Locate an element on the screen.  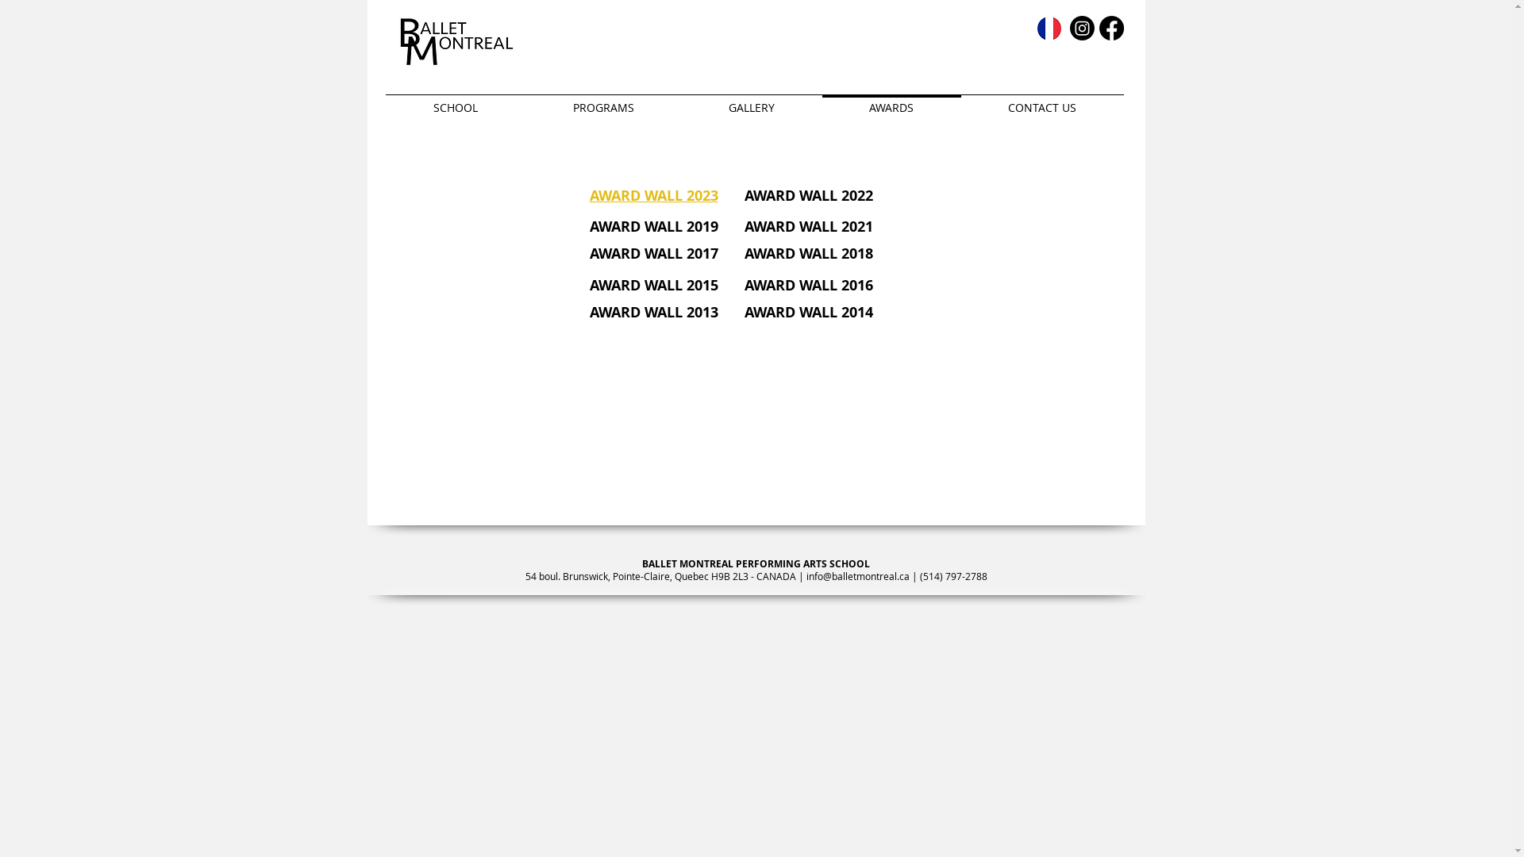
'AWARD WALL 2019' is located at coordinates (652, 226).